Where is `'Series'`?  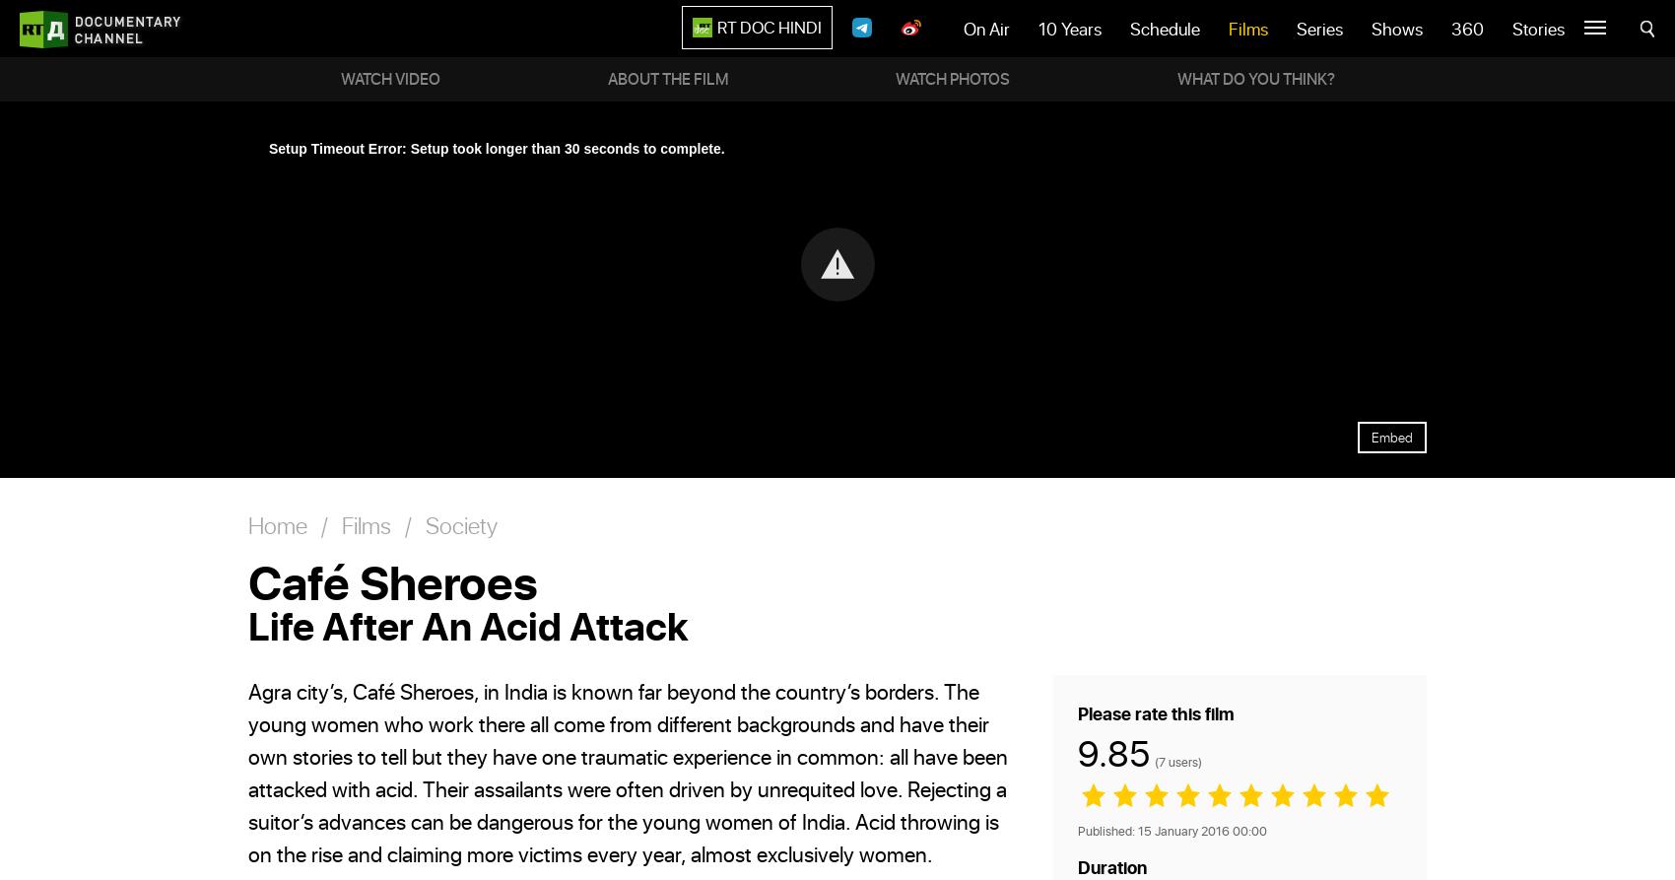 'Series' is located at coordinates (1319, 29).